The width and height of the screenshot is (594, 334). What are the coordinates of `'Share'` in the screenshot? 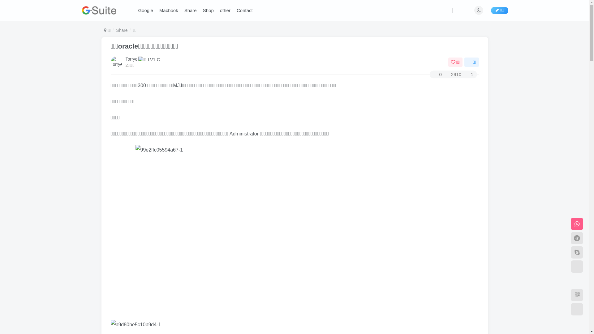 It's located at (190, 11).